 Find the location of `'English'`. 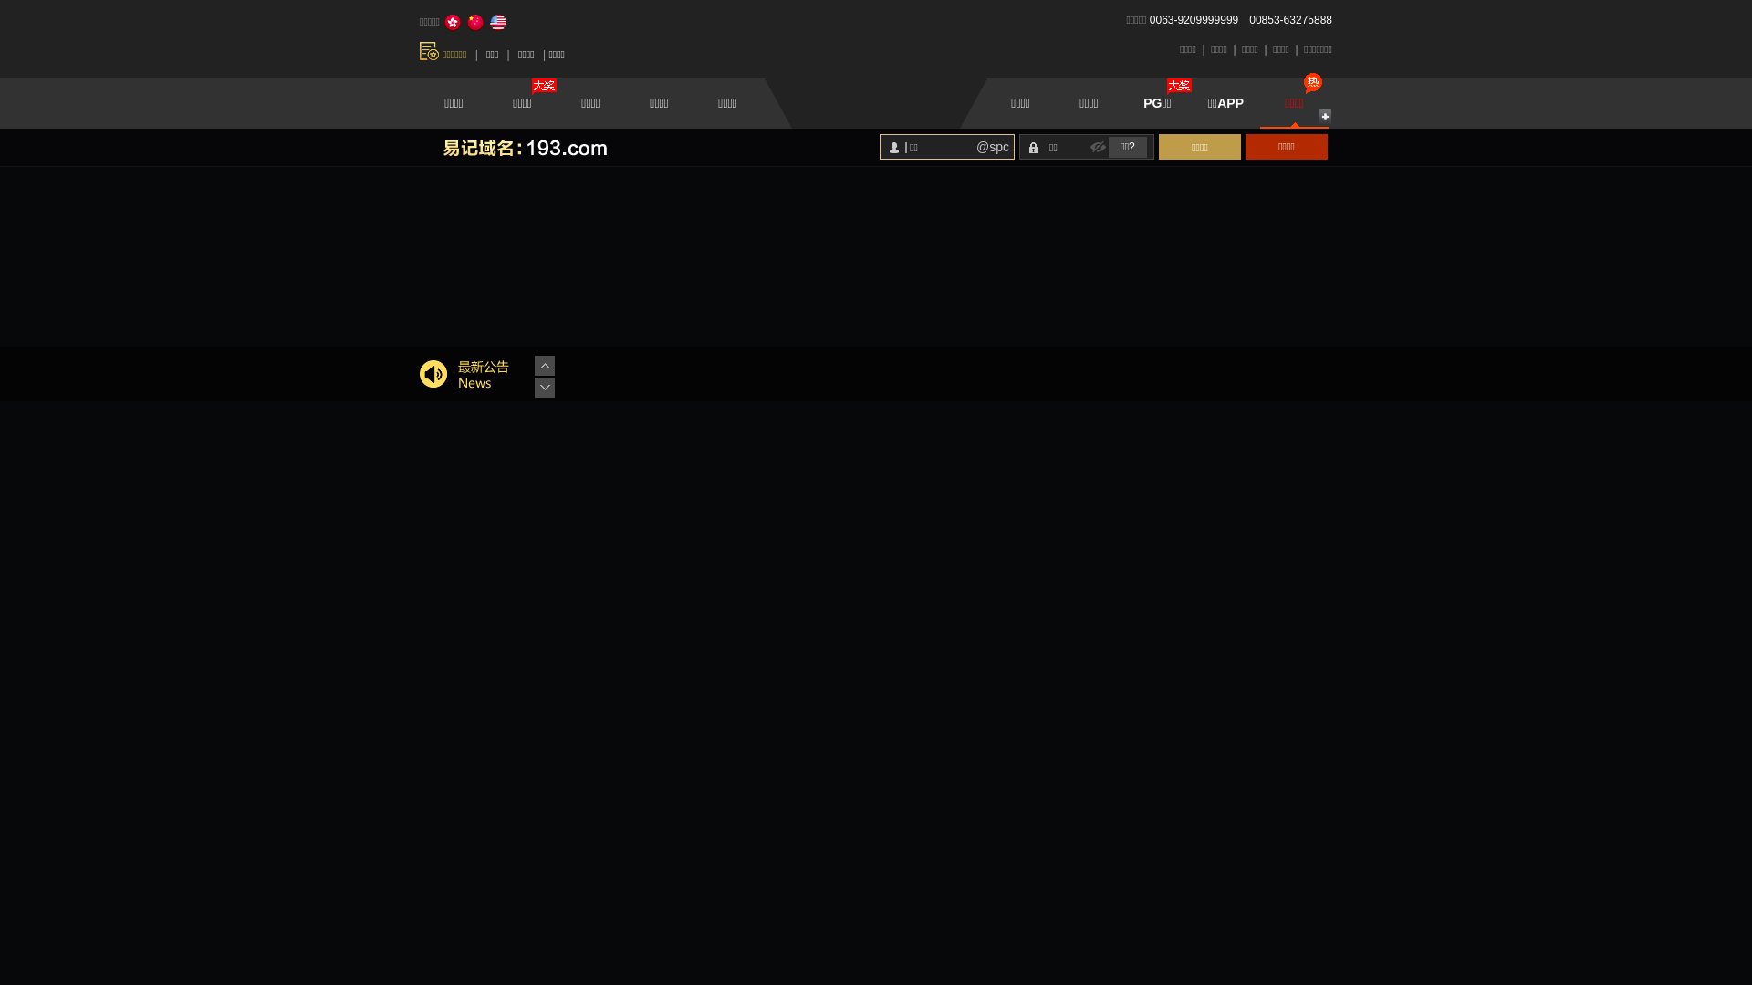

'English' is located at coordinates (498, 22).